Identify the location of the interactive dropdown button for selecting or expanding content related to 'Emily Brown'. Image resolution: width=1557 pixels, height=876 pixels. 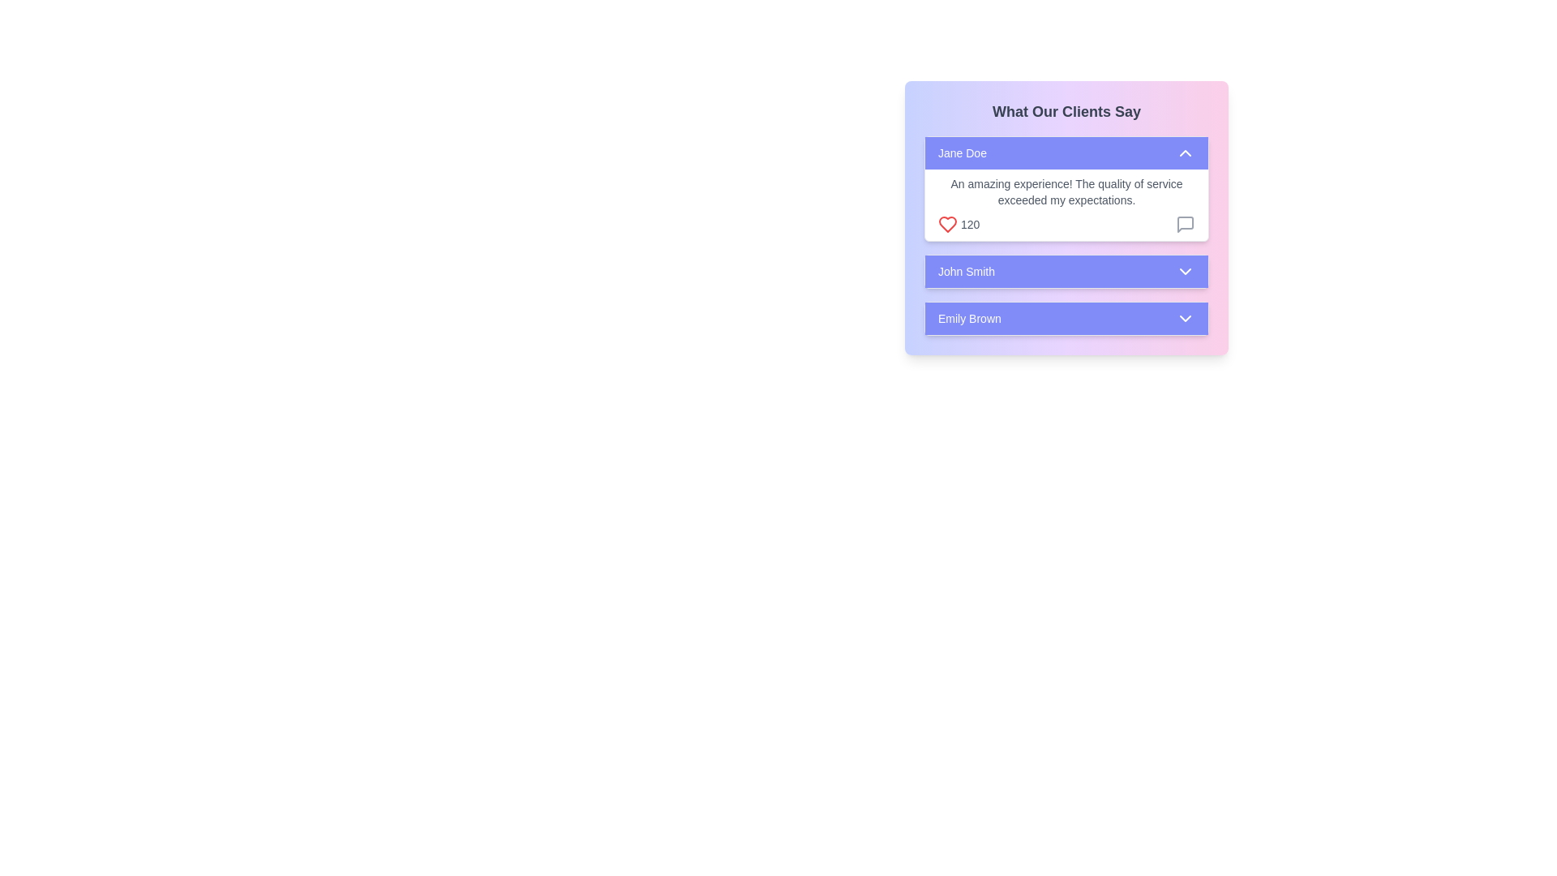
(1066, 319).